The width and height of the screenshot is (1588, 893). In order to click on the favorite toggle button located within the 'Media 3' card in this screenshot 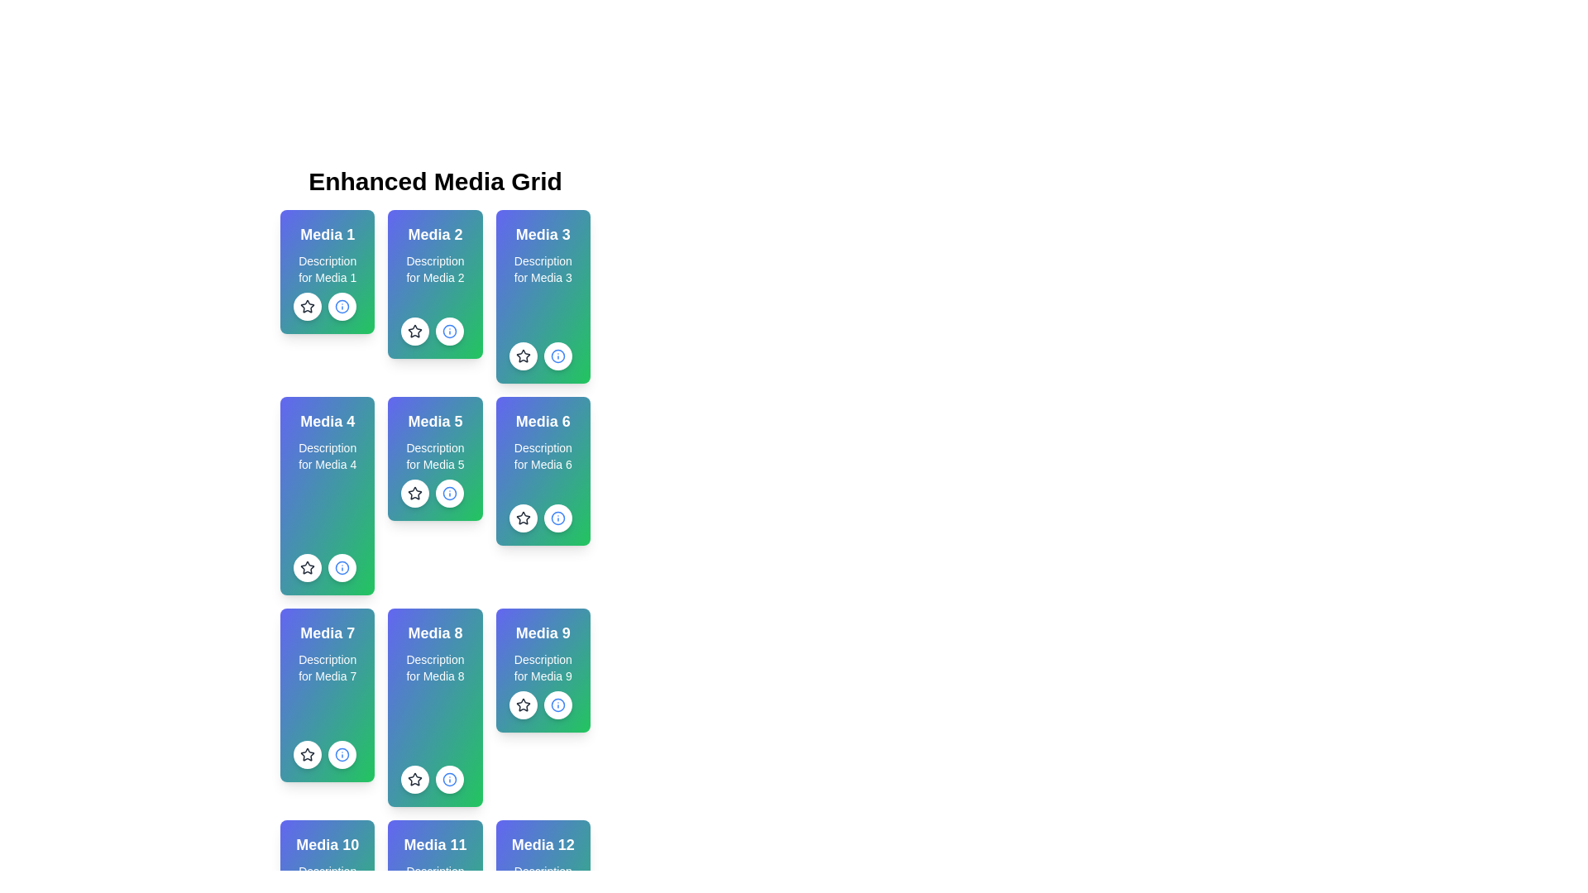, I will do `click(522, 356)`.